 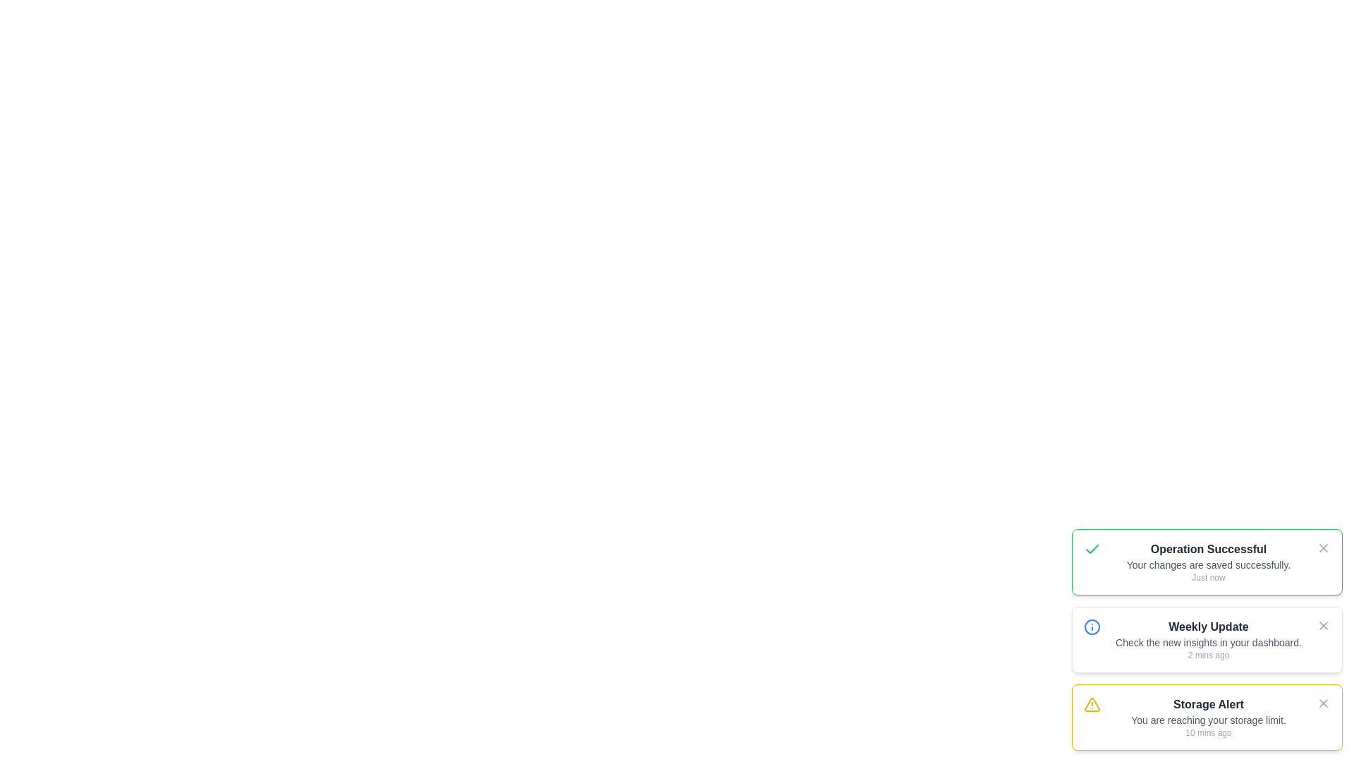 What do you see at coordinates (1207, 720) in the screenshot?
I see `the text label displaying 'You are reaching your storage limit.' which is located within a notification box directly beneath the header 'Storage Alert'` at bounding box center [1207, 720].